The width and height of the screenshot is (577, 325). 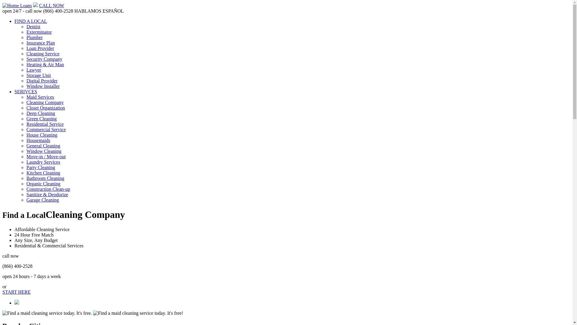 I want to click on 'Security Company', so click(x=44, y=59).